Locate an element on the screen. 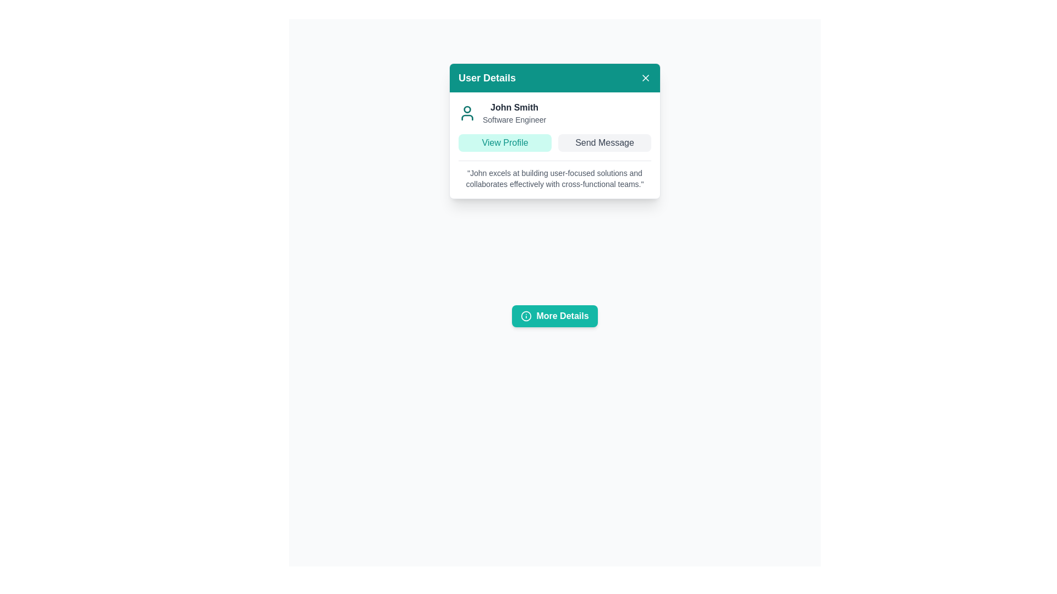 The width and height of the screenshot is (1057, 594). the 'User Details' text label, which is styled in bold and larger font on a teal background within a header bar of a card-like UI component is located at coordinates (487, 78).